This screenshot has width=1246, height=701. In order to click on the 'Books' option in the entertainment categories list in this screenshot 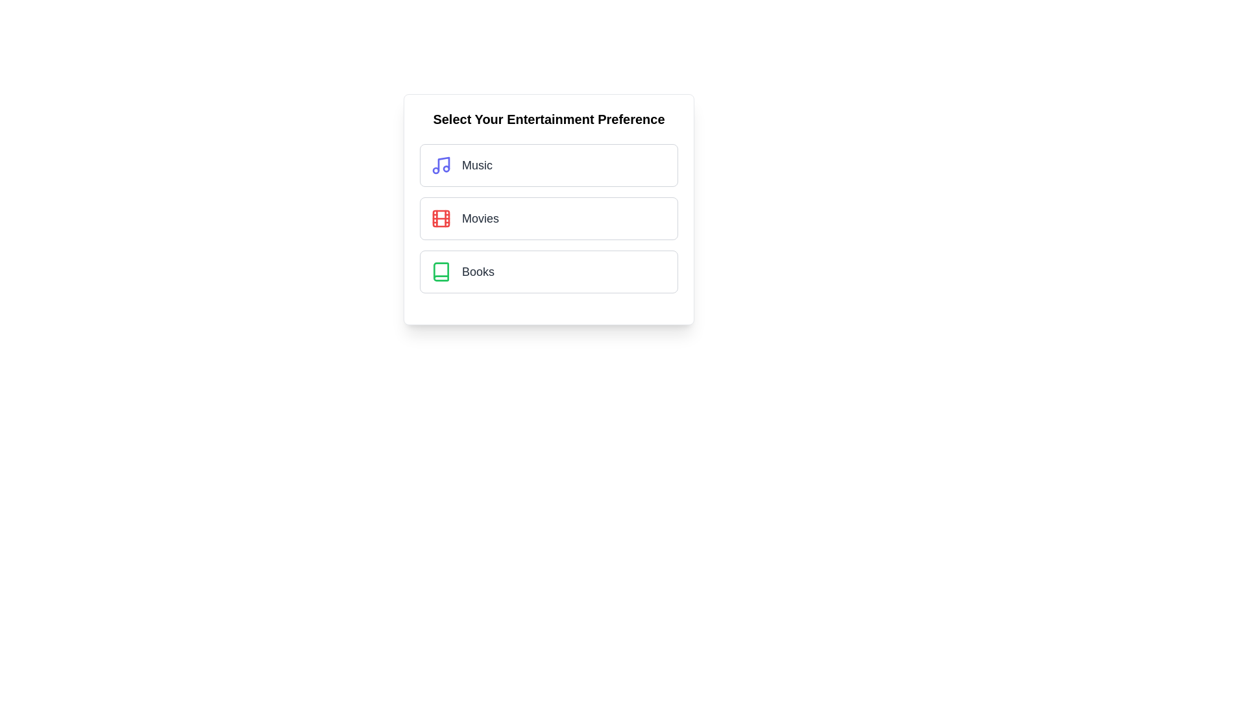, I will do `click(548, 271)`.